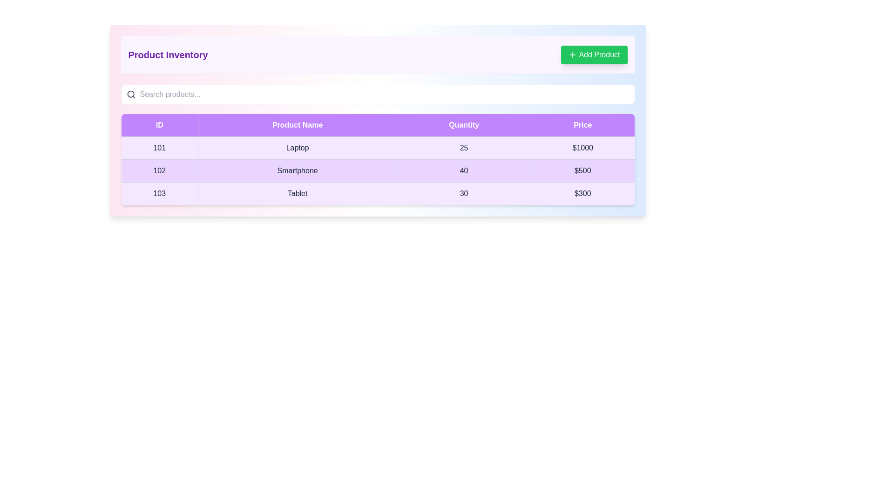 The image size is (894, 503). I want to click on the Text label indicating the quantity of the 'Tablet' product in the third column of the third row in the table, so click(464, 193).